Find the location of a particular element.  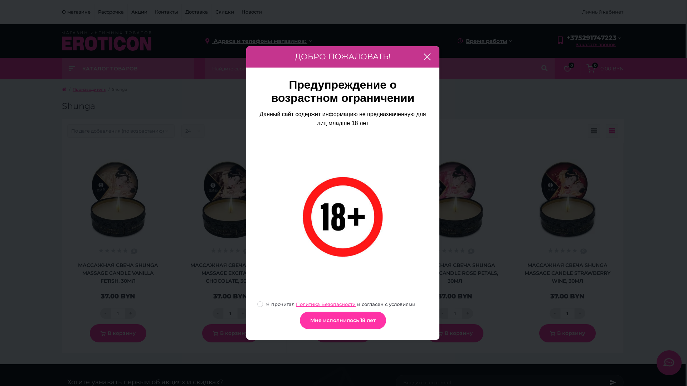

'+' is located at coordinates (462, 313).